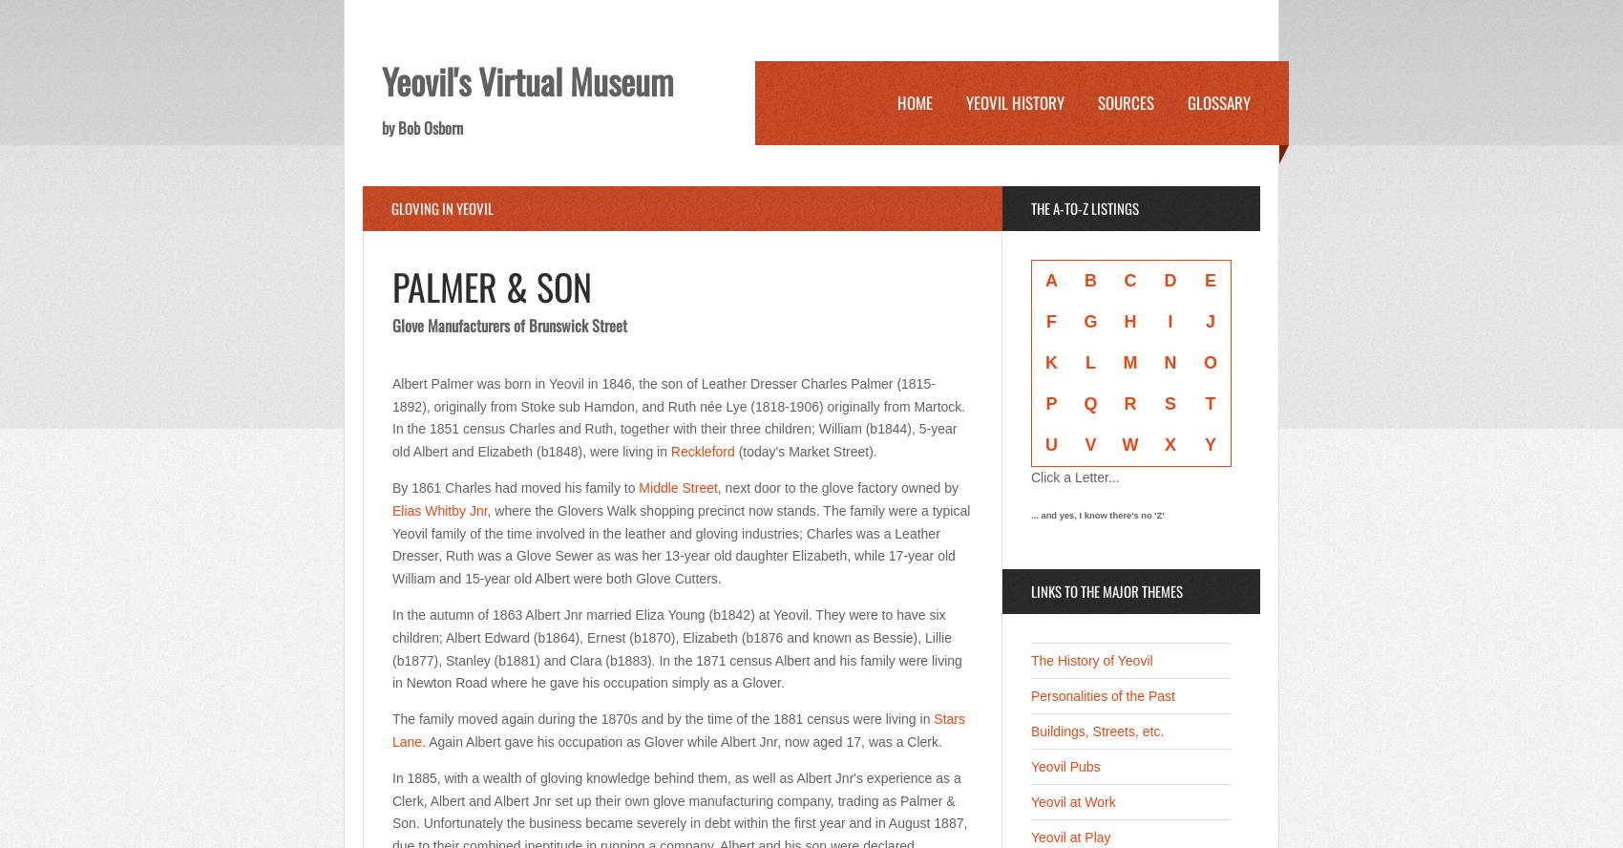  What do you see at coordinates (1209, 403) in the screenshot?
I see `'T'` at bounding box center [1209, 403].